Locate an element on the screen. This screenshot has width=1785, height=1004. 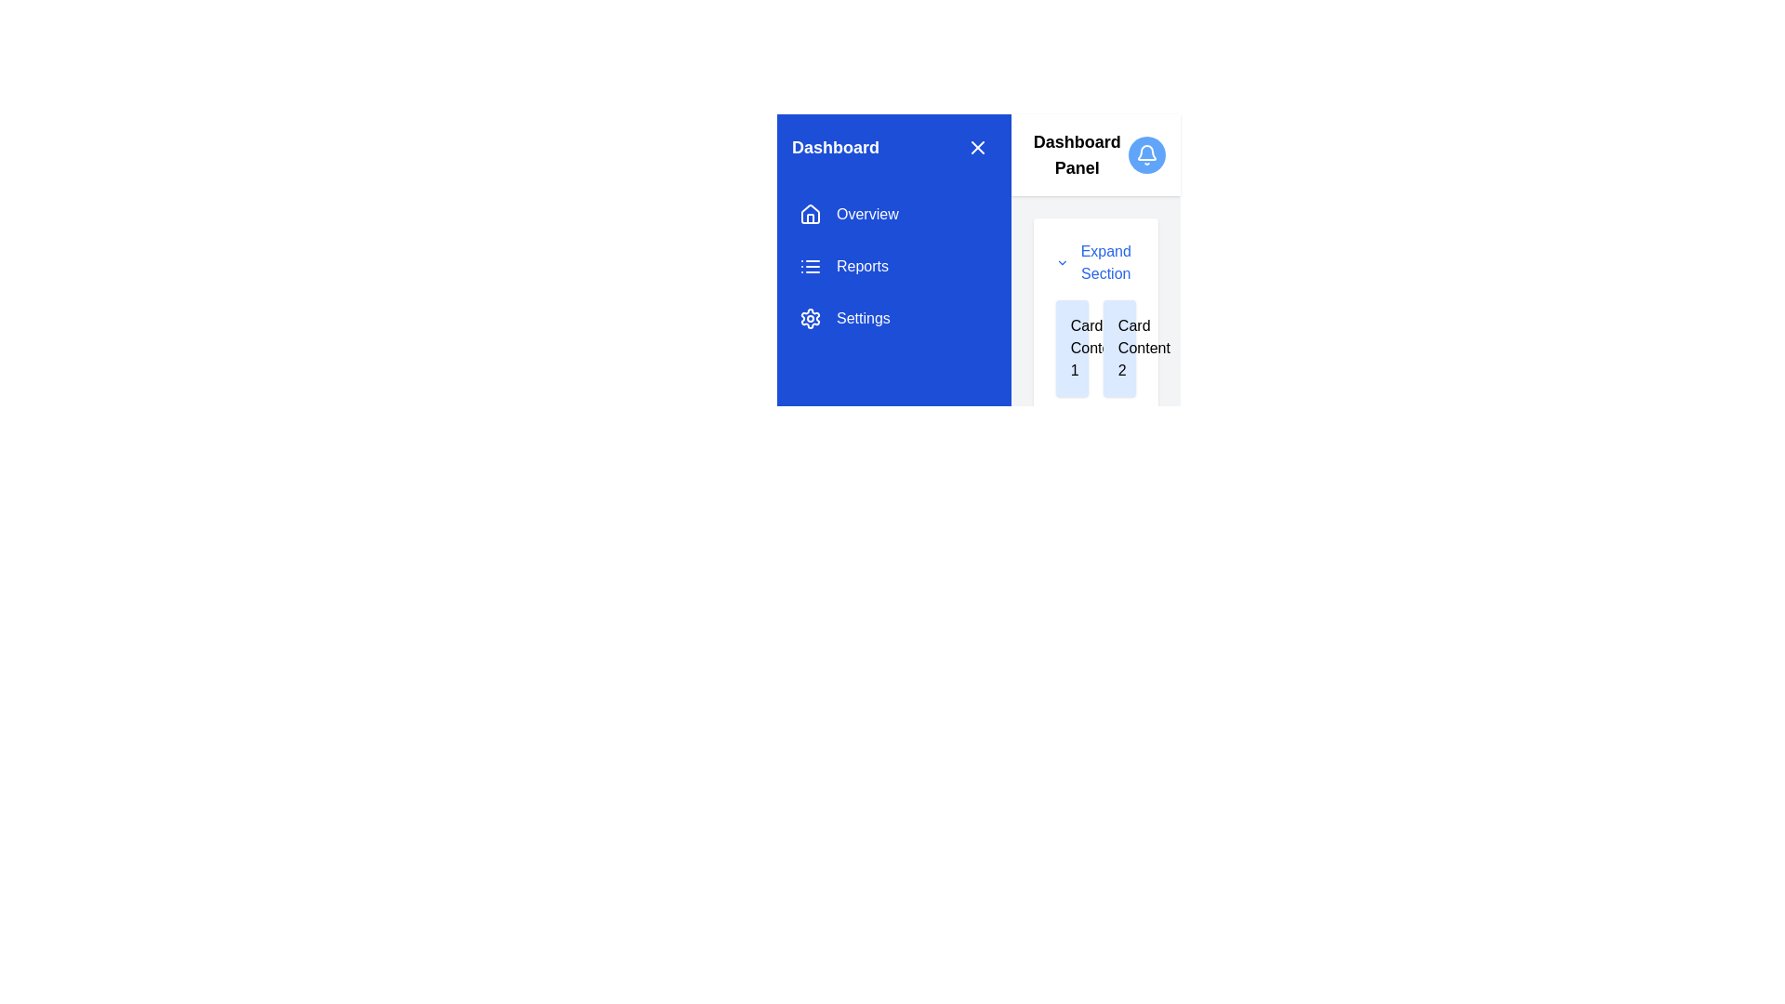
on the bell-shaped notification icon with a circular blue background located at the top-right corner of the interface, near the 'Dashboard' title is located at coordinates (1145, 153).